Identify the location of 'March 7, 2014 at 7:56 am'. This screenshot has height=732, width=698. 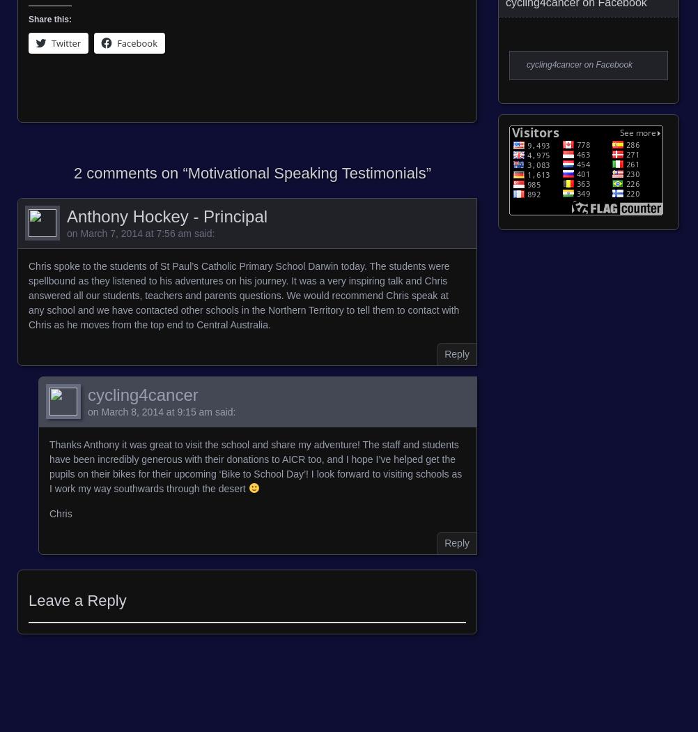
(135, 233).